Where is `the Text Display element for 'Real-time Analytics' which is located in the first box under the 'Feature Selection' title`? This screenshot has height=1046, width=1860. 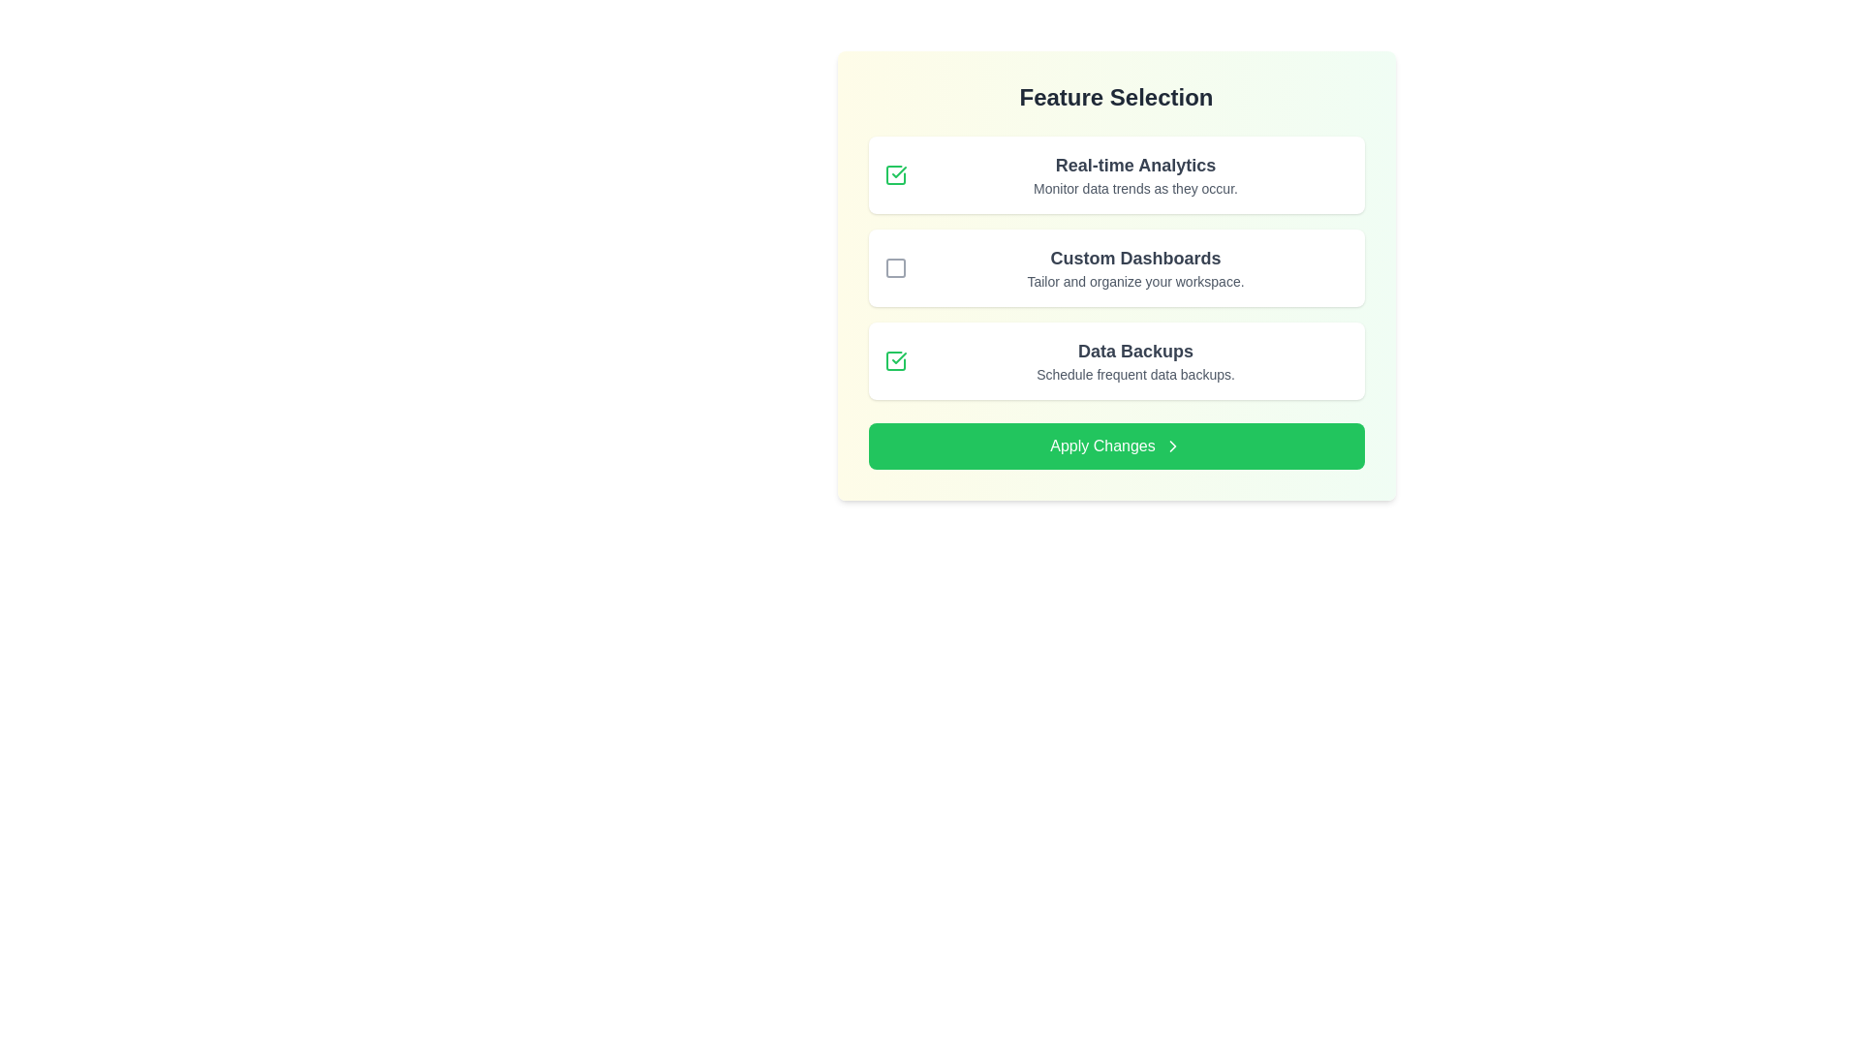 the Text Display element for 'Real-time Analytics' which is located in the first box under the 'Feature Selection' title is located at coordinates (1135, 175).